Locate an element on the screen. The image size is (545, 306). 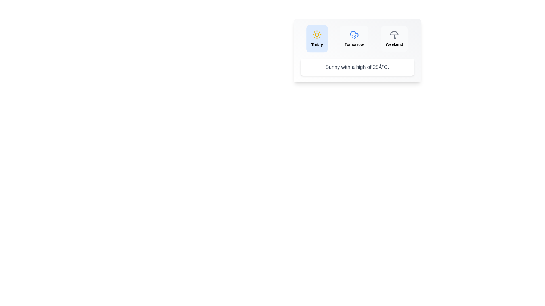
the Tomorrow tab to view its weather forecast is located at coordinates (354, 39).